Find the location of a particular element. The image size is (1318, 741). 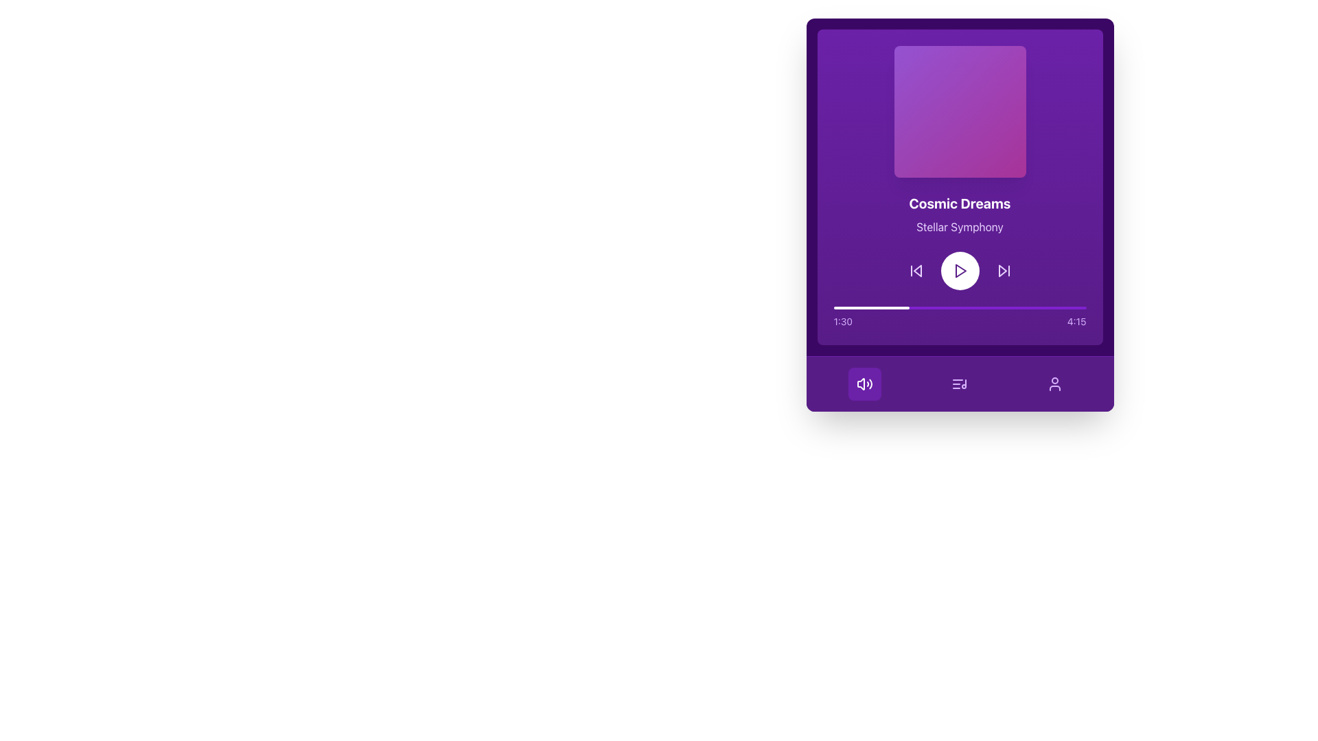

the white rectangular progress indicator bar located within the full-width purple progress bar at the bottom of the music player card is located at coordinates (870, 307).